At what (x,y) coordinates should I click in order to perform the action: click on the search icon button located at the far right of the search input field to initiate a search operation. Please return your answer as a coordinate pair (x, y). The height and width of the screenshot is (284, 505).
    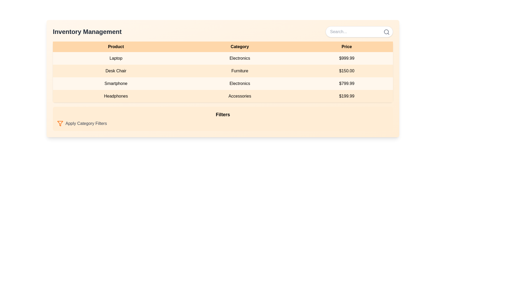
    Looking at the image, I should click on (386, 32).